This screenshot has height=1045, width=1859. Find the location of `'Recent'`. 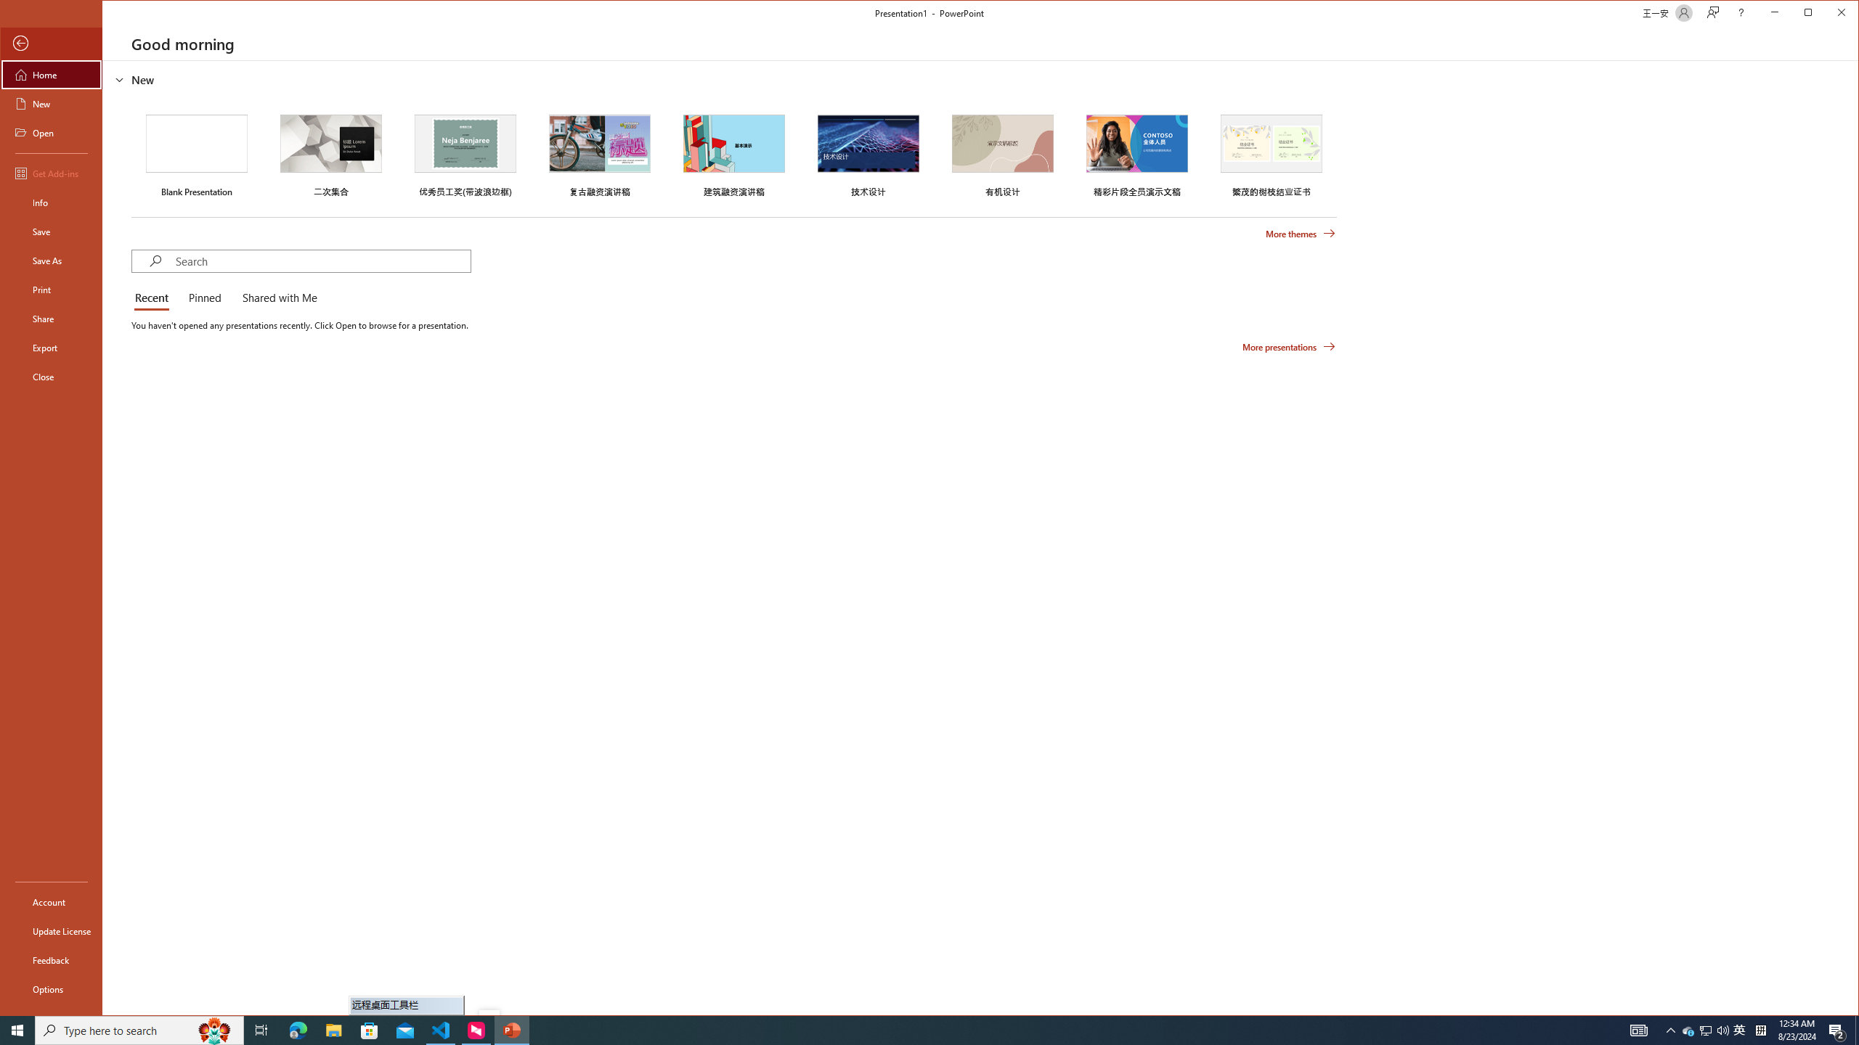

'Recent' is located at coordinates (154, 298).